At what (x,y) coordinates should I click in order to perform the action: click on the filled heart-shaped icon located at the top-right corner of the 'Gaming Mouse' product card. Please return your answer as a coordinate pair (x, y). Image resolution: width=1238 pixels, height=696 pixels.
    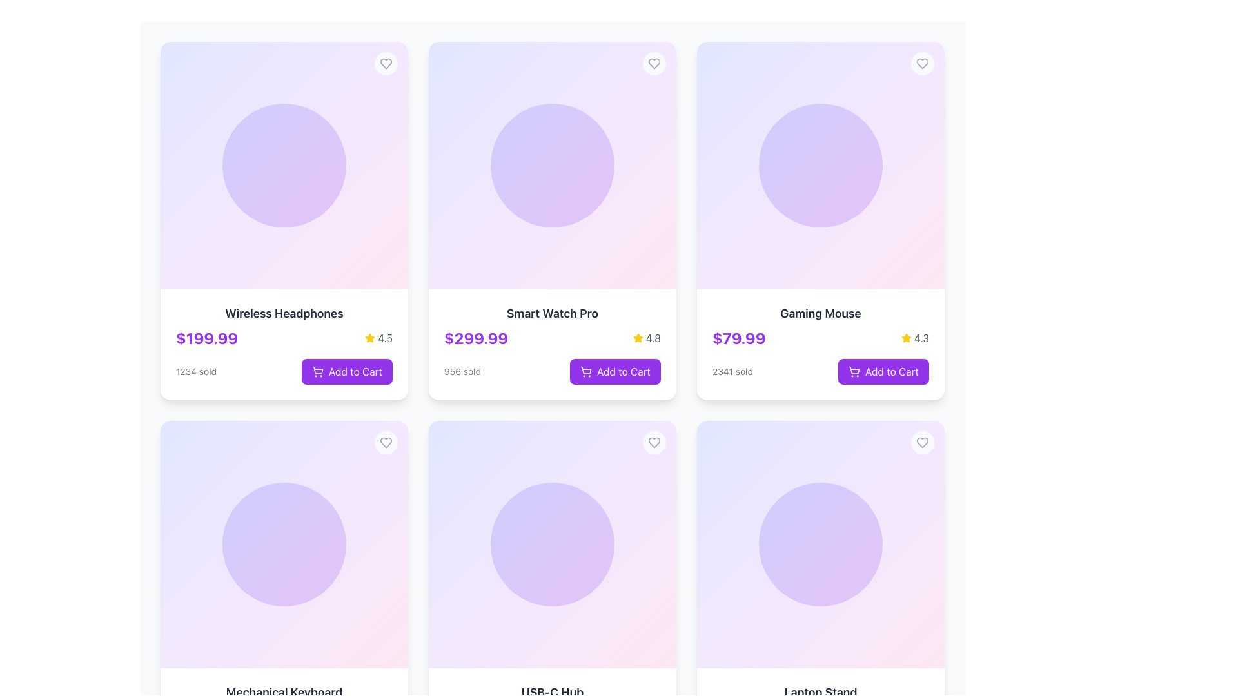
    Looking at the image, I should click on (921, 441).